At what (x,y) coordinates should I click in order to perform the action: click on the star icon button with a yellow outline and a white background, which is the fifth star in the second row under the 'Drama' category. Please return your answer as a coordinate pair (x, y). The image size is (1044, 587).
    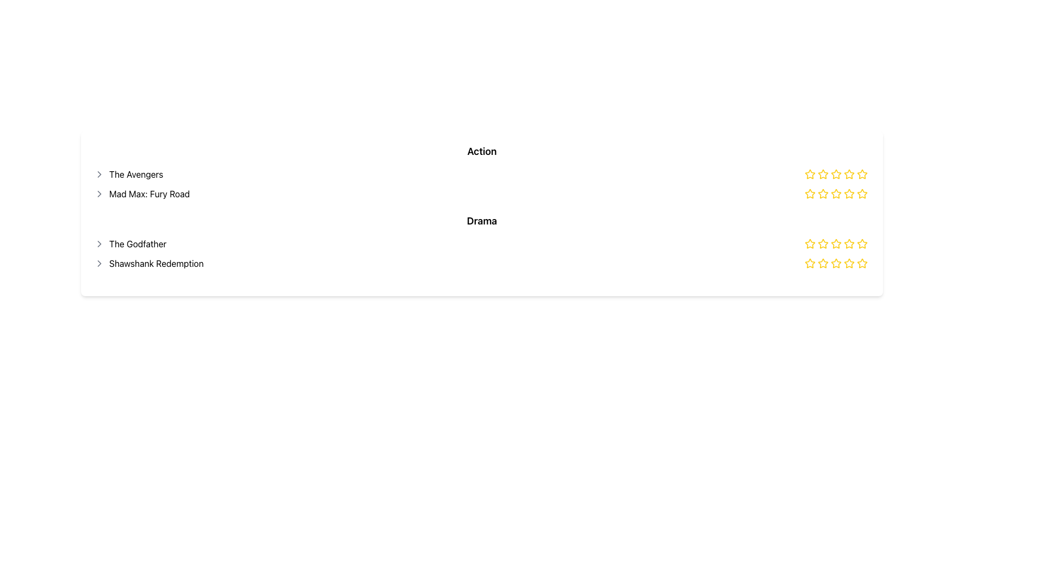
    Looking at the image, I should click on (861, 263).